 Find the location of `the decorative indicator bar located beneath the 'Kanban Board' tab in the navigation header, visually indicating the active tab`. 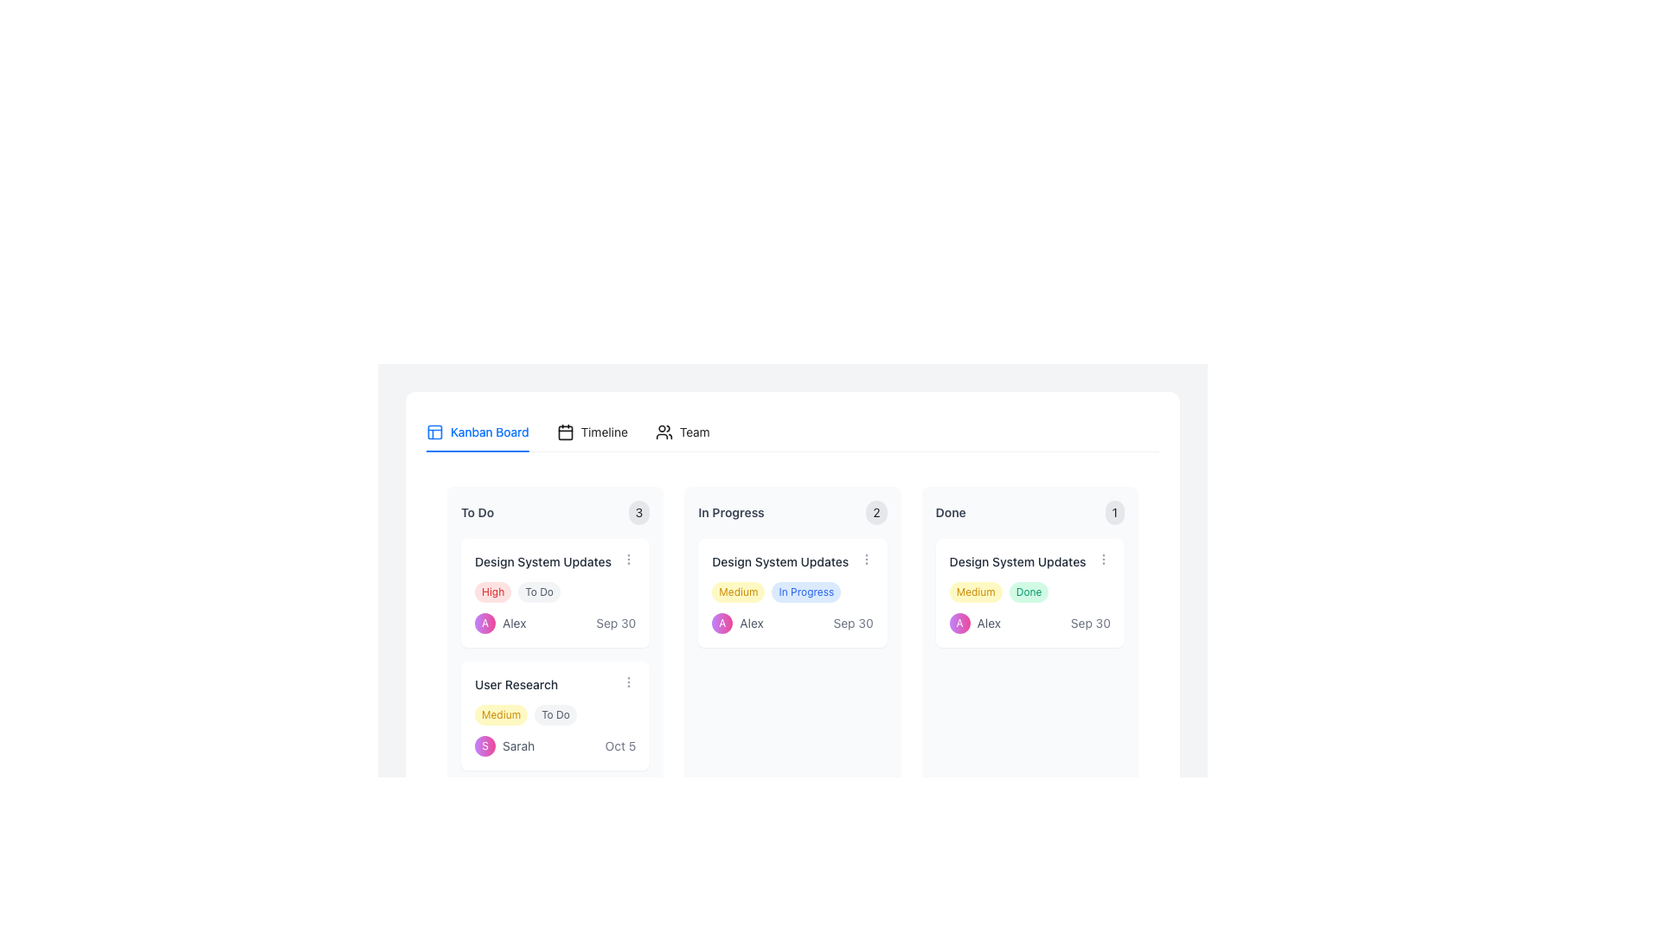

the decorative indicator bar located beneath the 'Kanban Board' tab in the navigation header, visually indicating the active tab is located at coordinates (478, 450).